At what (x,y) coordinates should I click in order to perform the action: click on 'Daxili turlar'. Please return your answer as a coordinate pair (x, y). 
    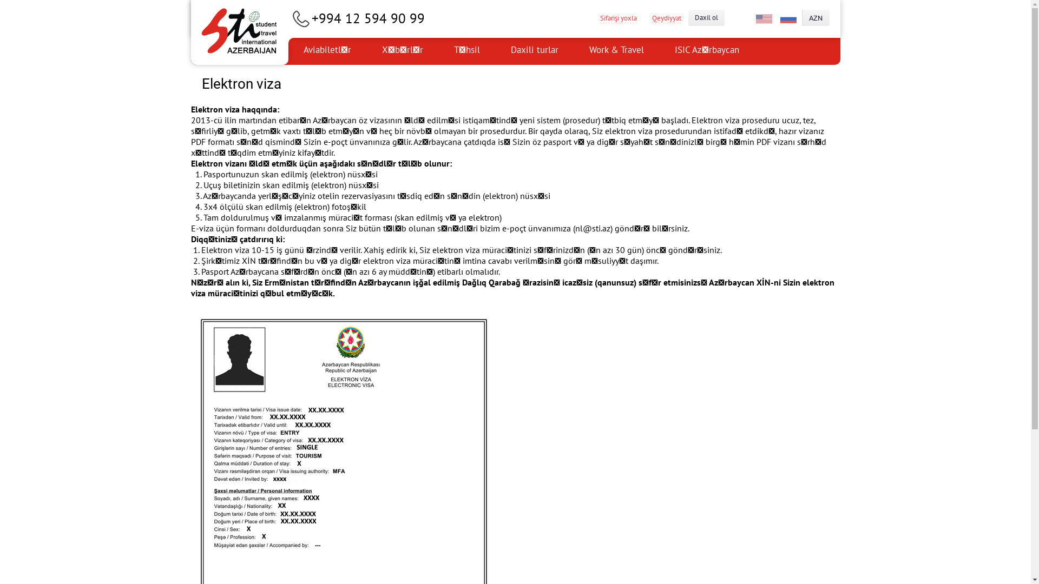
    Looking at the image, I should click on (495, 51).